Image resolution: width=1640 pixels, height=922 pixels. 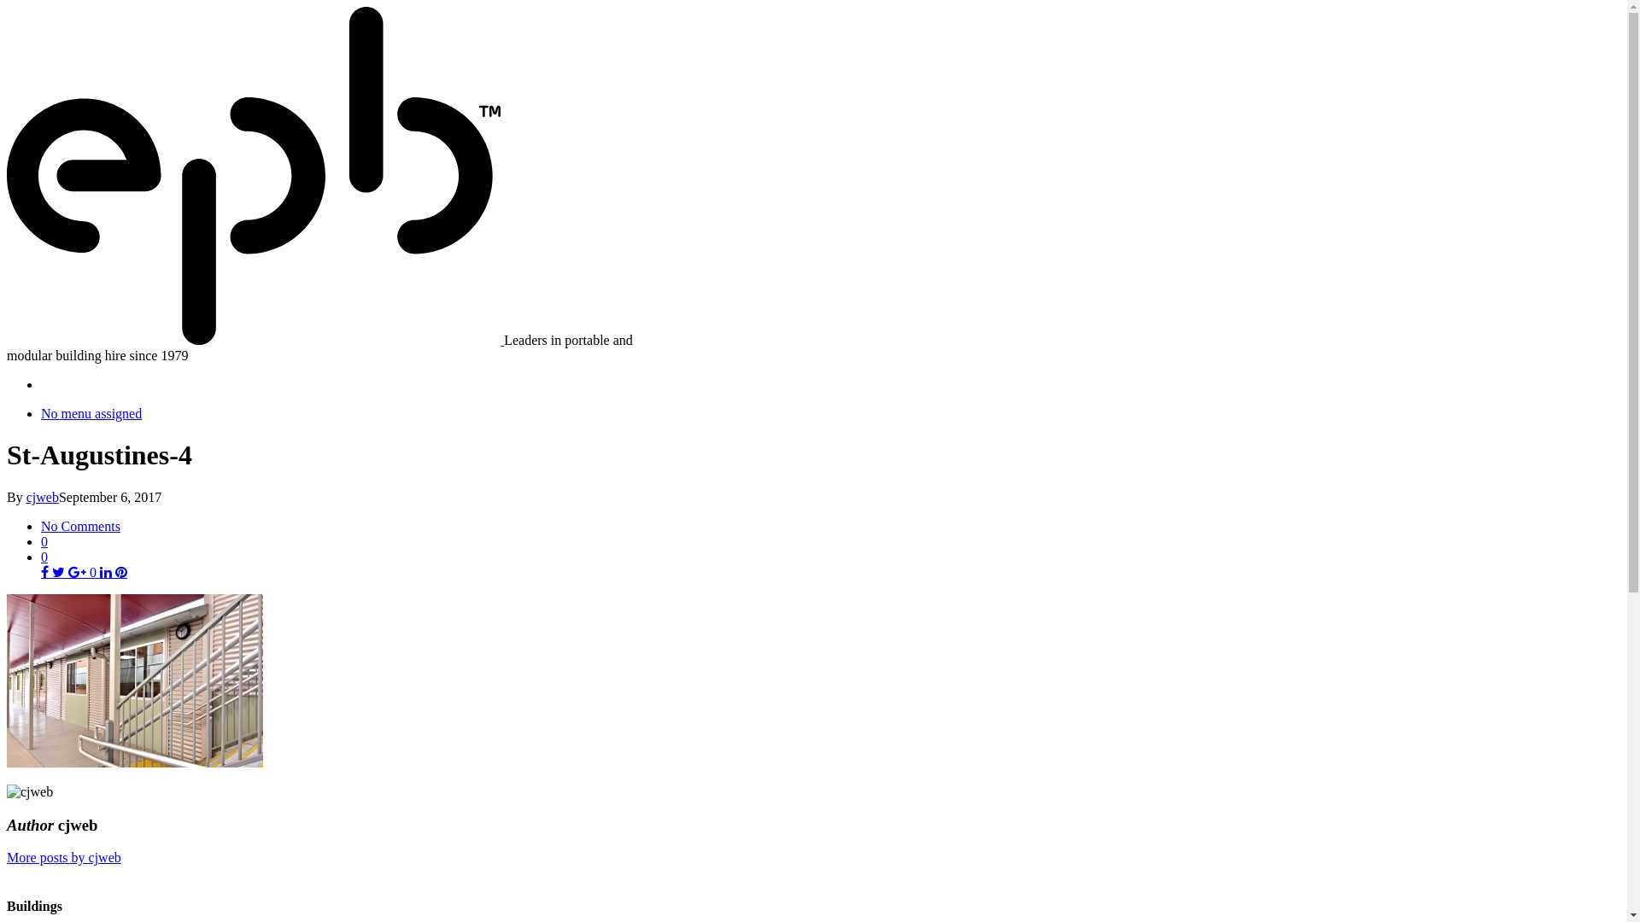 What do you see at coordinates (60, 572) in the screenshot?
I see `'Tweet this'` at bounding box center [60, 572].